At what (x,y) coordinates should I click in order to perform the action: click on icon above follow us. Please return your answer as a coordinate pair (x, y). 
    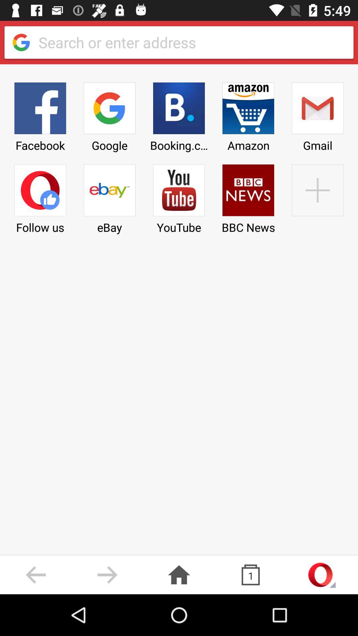
    Looking at the image, I should click on (40, 115).